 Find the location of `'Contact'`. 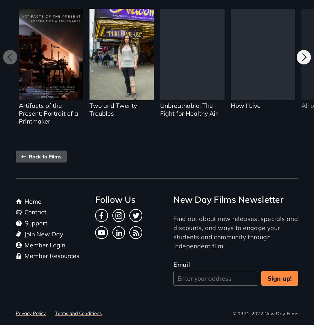

'Contact' is located at coordinates (35, 212).